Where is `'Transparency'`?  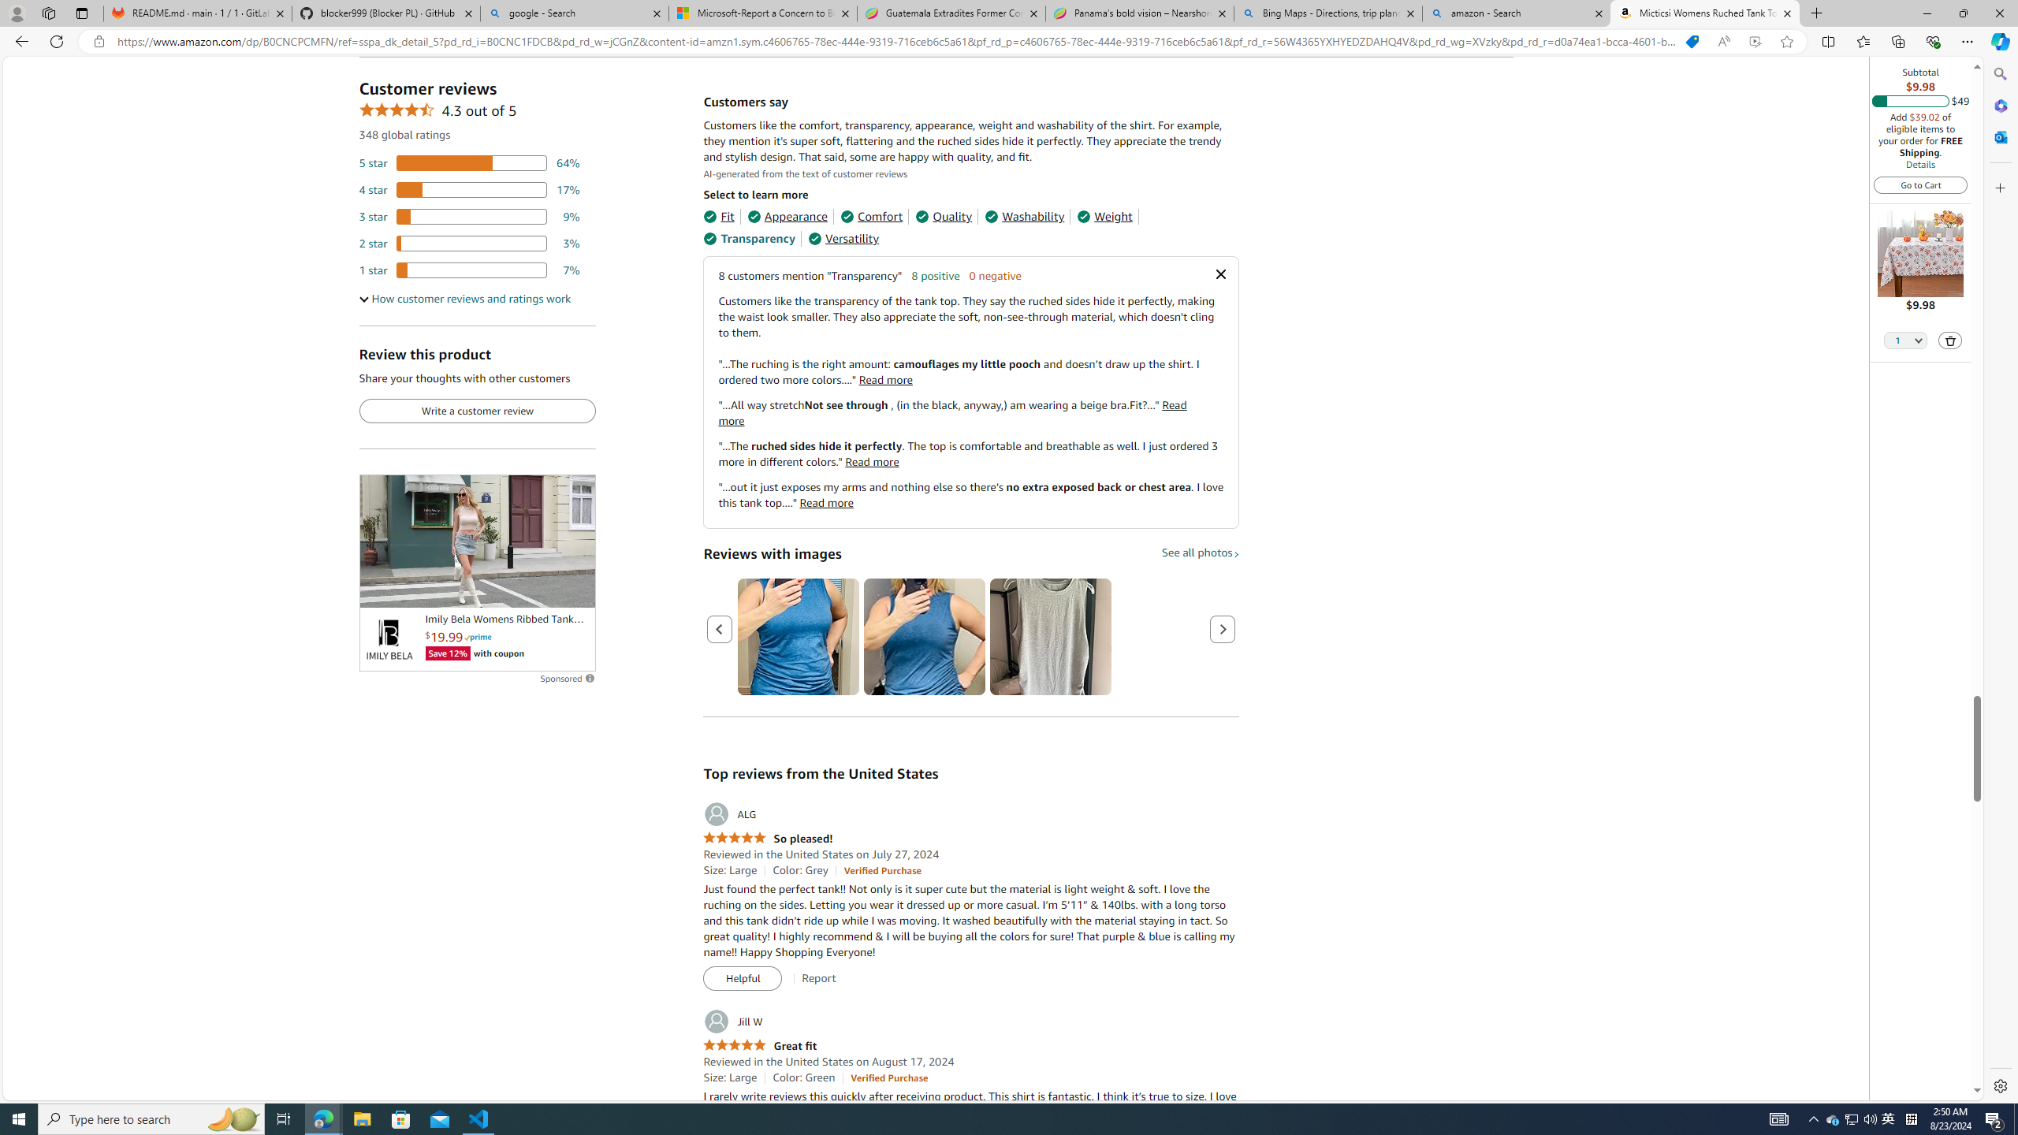
'Transparency' is located at coordinates (748, 238).